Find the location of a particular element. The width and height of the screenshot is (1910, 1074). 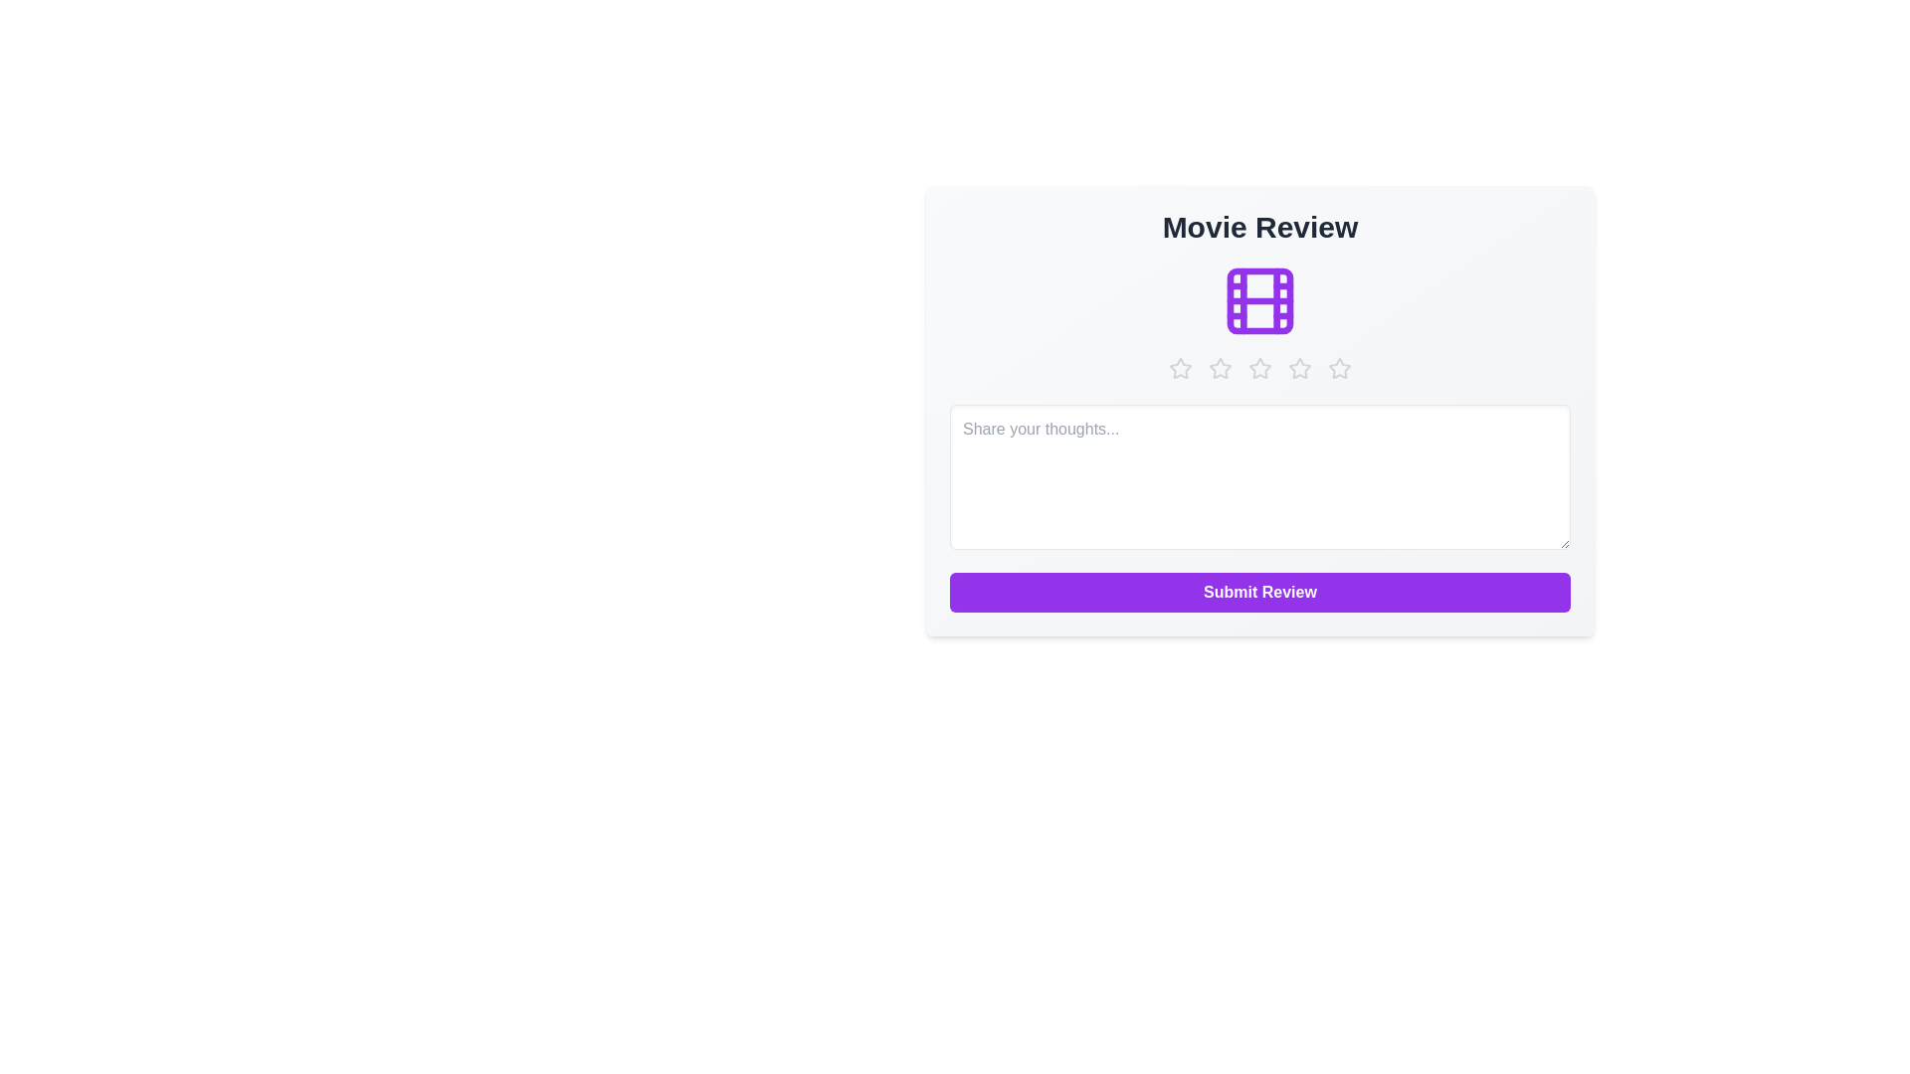

the 'Movie Review' header text to read its content is located at coordinates (1259, 226).